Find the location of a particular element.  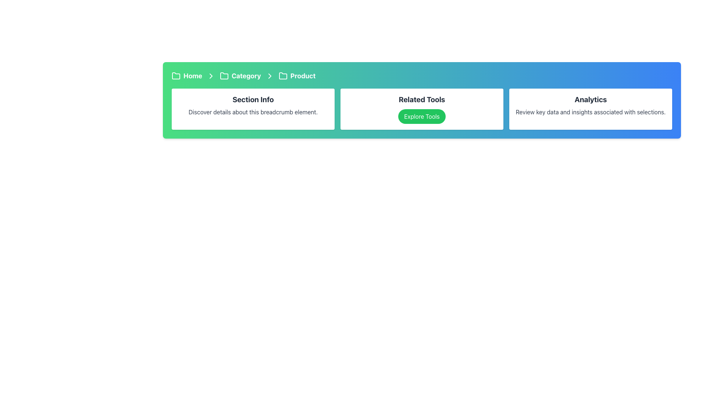

descriptive text within the static text element located below the 'Analytics' heading, which provides information about the Analytics section is located at coordinates (591, 112).